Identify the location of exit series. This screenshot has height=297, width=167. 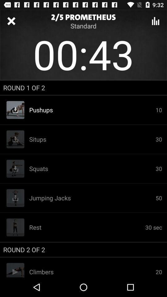
(11, 21).